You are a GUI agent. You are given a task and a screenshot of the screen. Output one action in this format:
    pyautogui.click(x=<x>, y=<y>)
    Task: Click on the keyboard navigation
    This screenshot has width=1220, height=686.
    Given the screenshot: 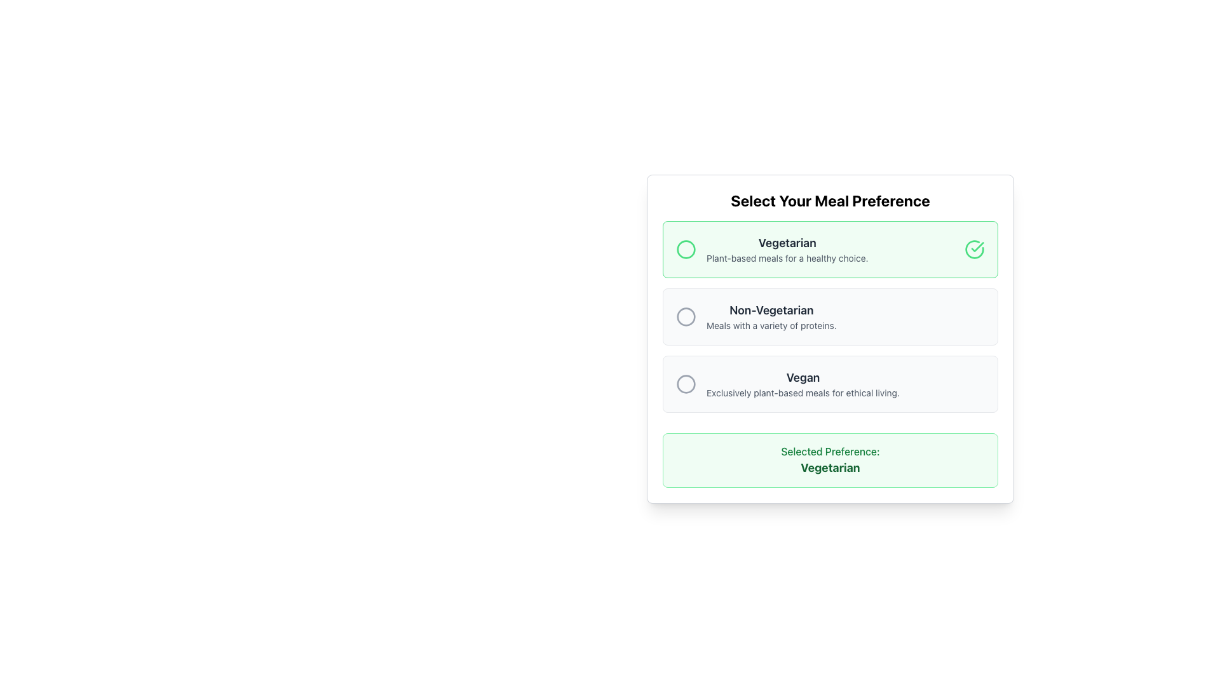 What is the action you would take?
    pyautogui.click(x=686, y=384)
    